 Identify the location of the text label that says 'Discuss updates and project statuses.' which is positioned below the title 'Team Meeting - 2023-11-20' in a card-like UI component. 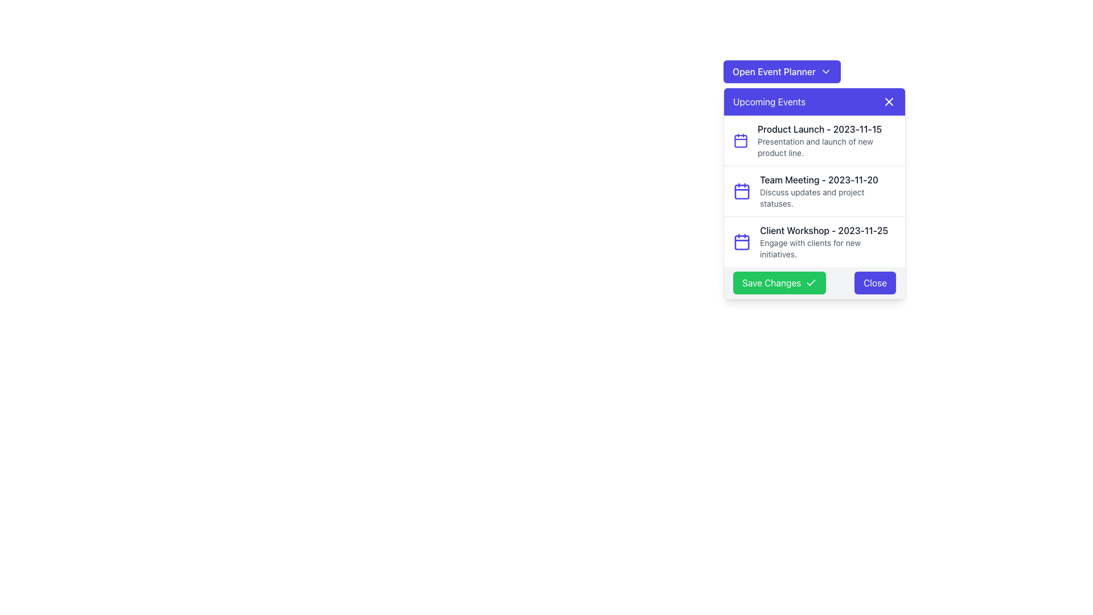
(828, 197).